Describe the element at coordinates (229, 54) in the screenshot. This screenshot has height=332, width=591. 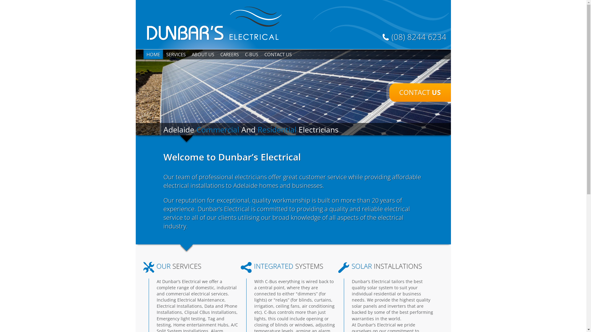
I see `'CAREERS'` at that location.